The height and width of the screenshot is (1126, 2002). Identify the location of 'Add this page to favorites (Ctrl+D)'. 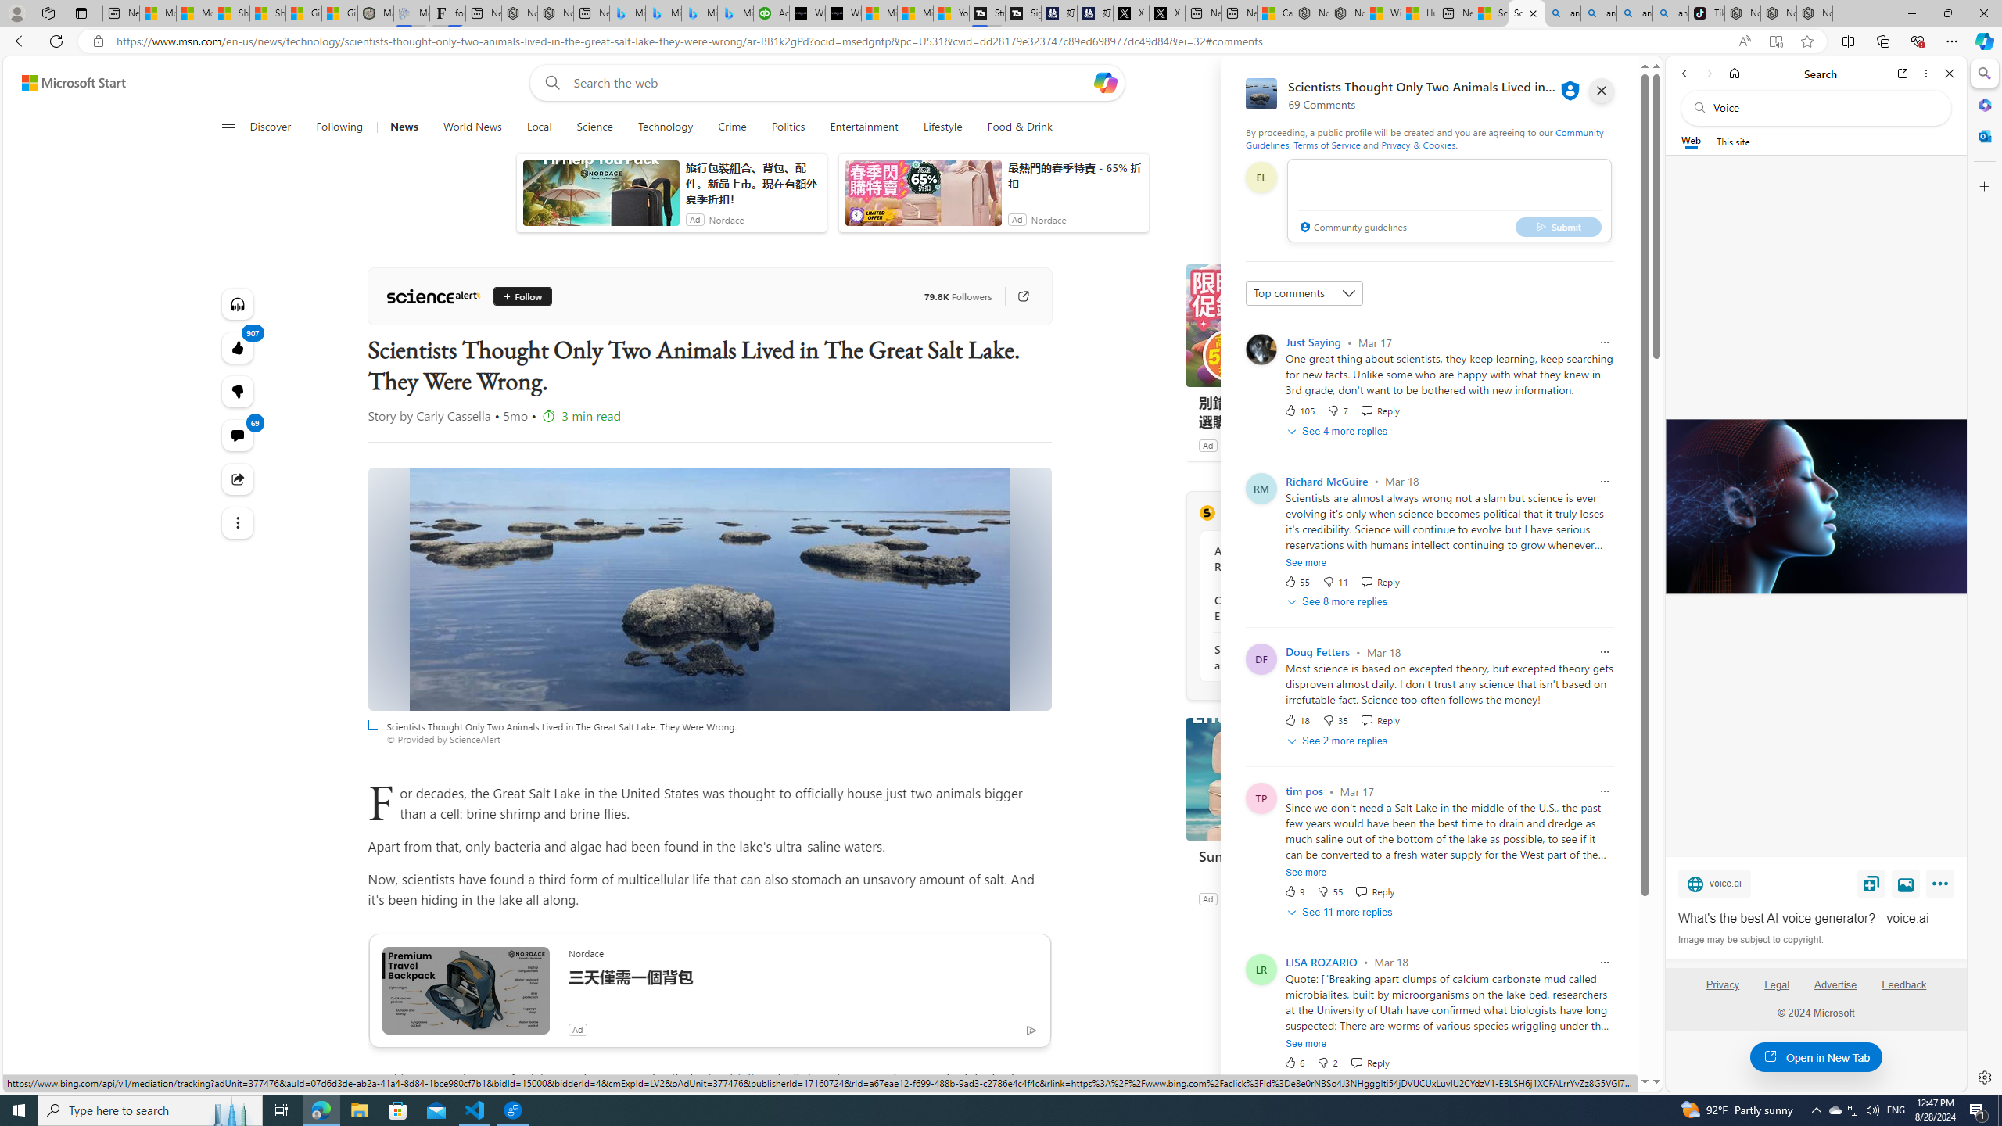
(1807, 41).